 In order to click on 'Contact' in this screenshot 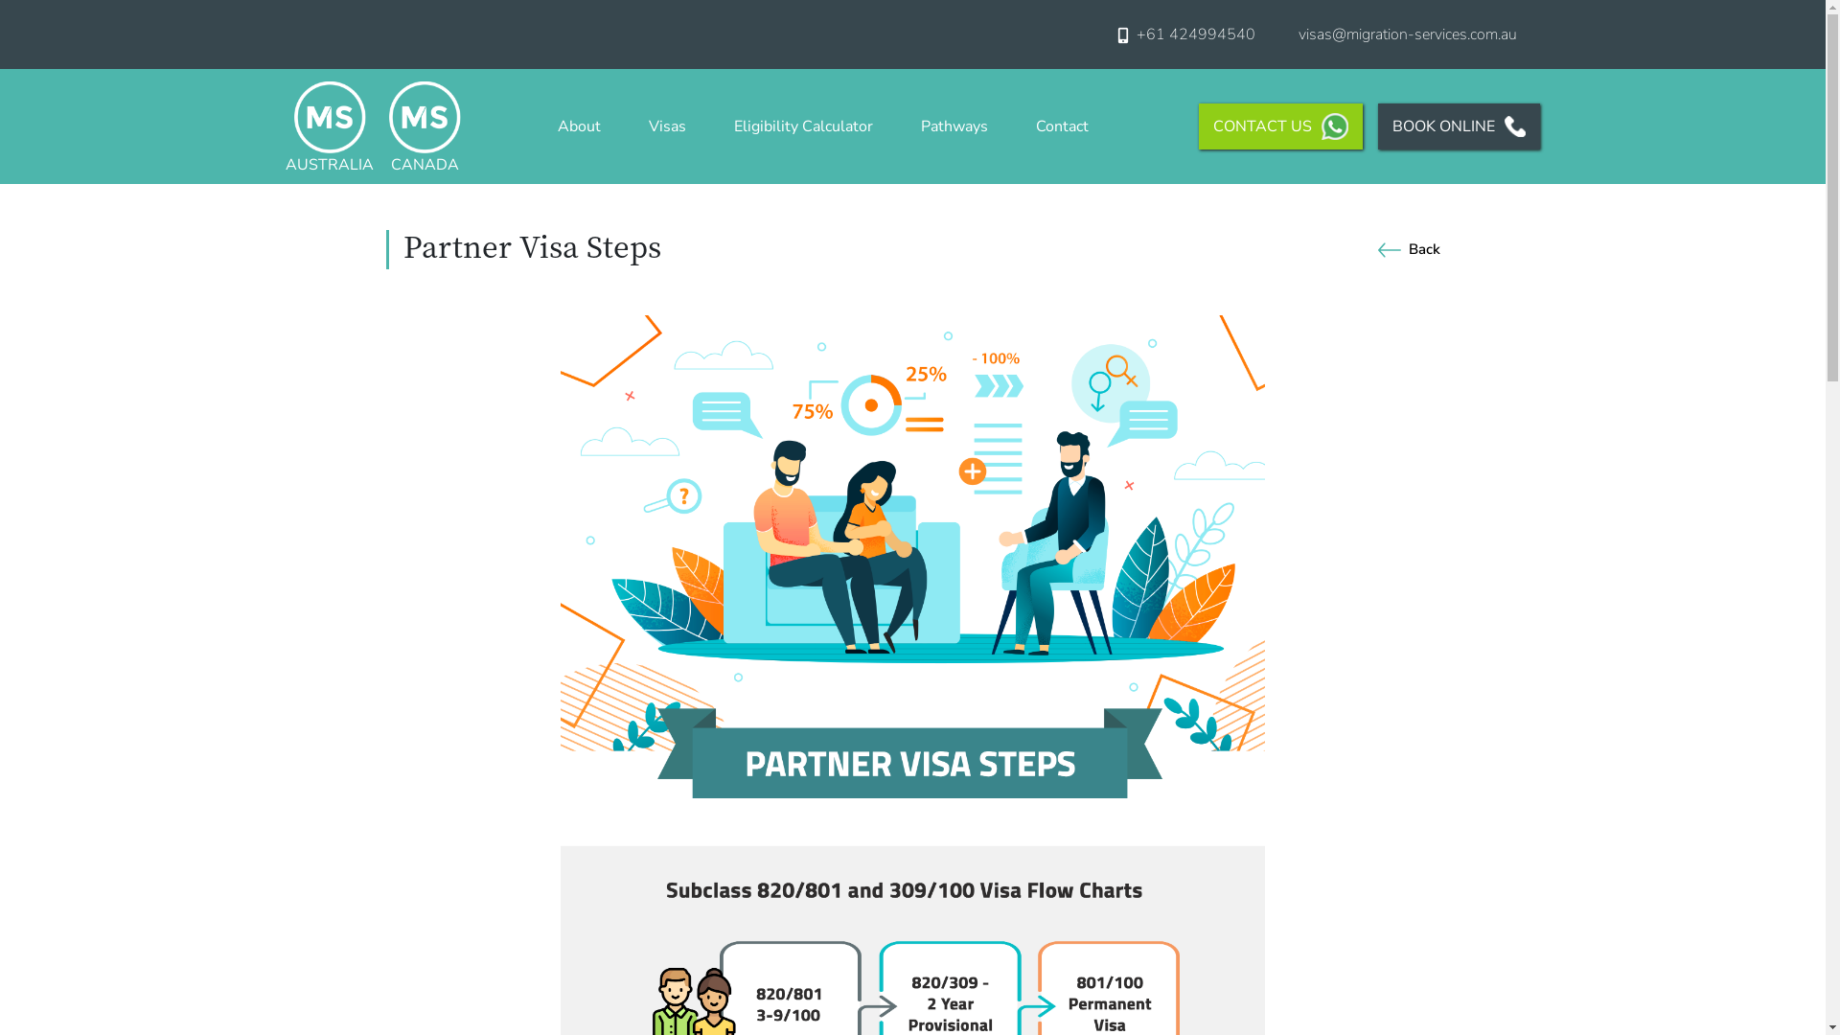, I will do `click(1061, 126)`.